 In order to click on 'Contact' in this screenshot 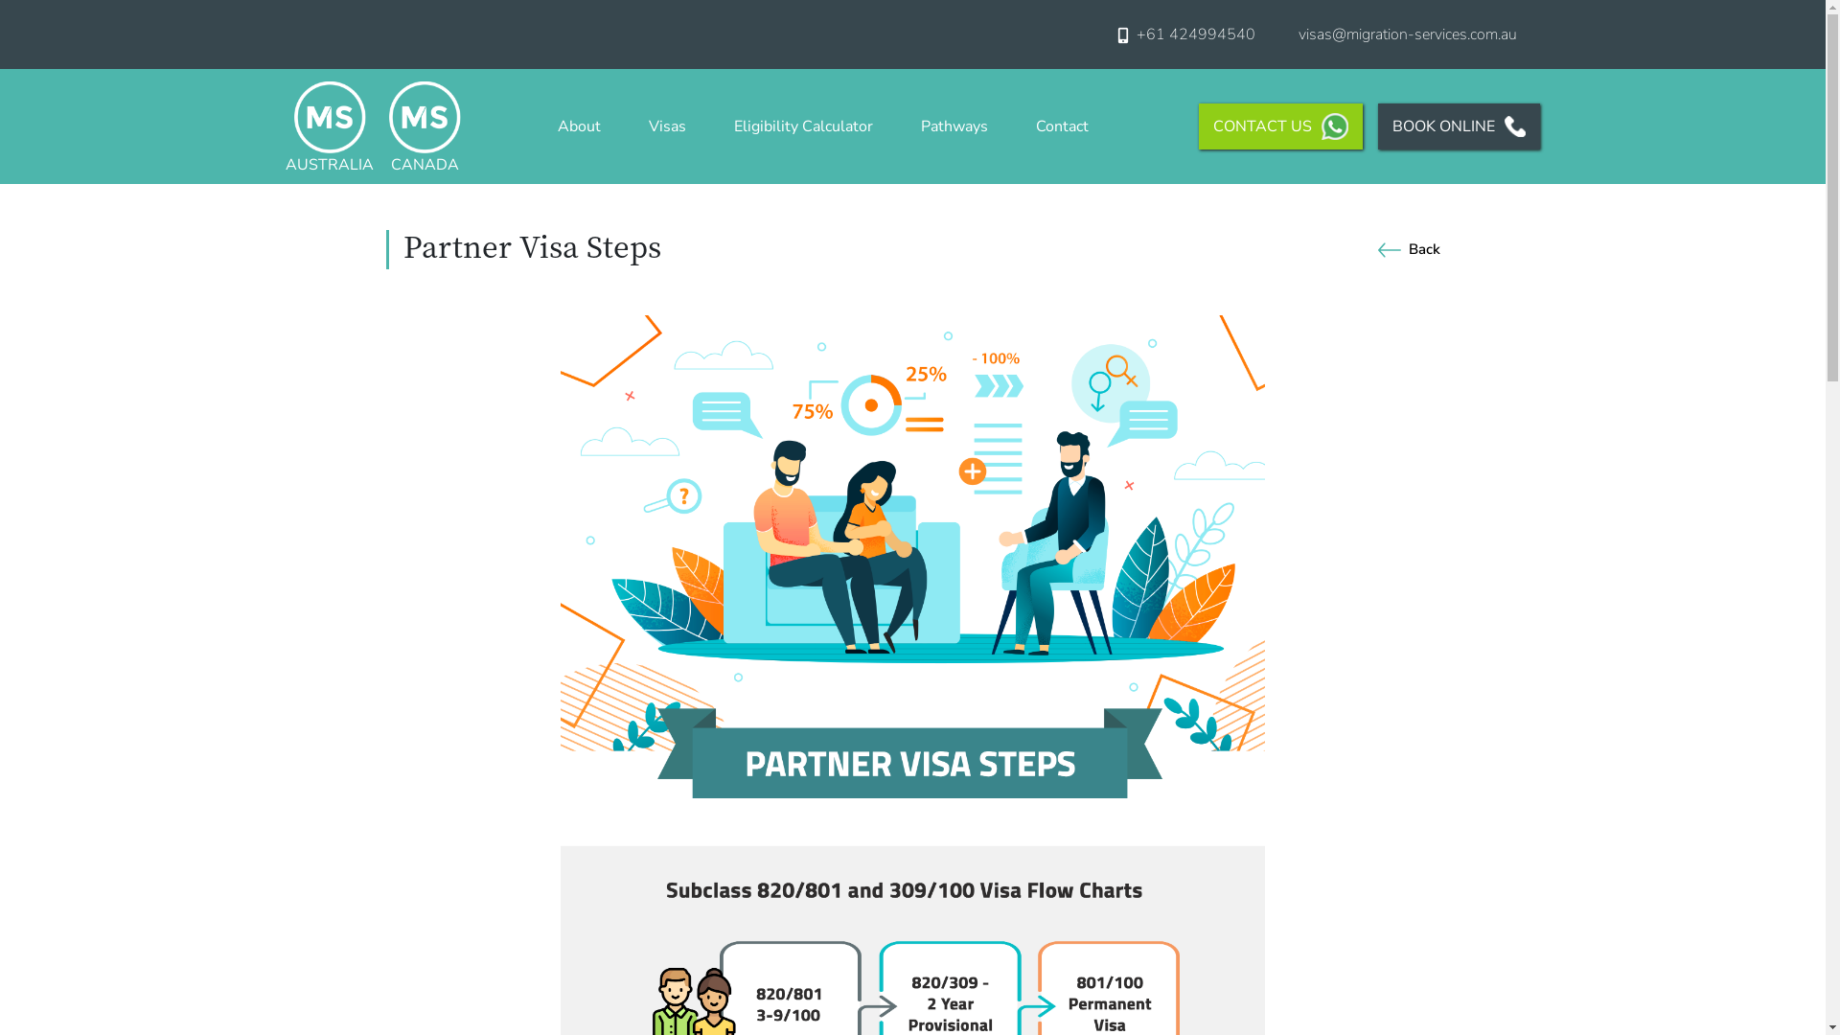, I will do `click(1061, 126)`.